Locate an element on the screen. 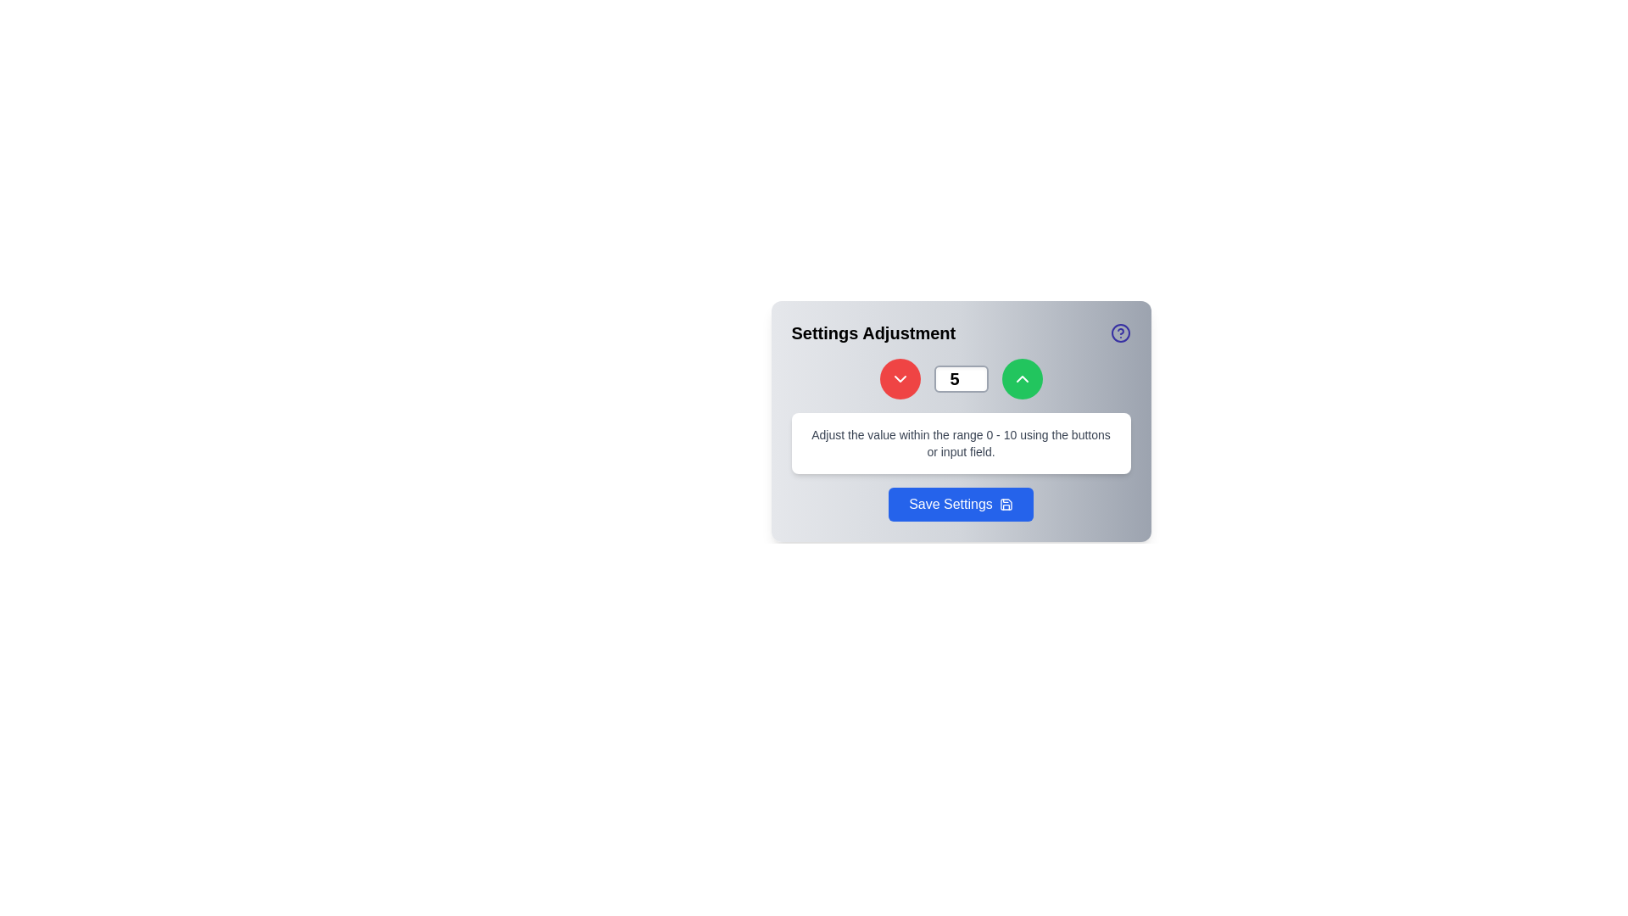 This screenshot has width=1628, height=916. the 'Save Settings' button, which is a rectangular button with a vivid blue background and white text, located at the bottom of the settings adjustment card is located at coordinates (961, 503).